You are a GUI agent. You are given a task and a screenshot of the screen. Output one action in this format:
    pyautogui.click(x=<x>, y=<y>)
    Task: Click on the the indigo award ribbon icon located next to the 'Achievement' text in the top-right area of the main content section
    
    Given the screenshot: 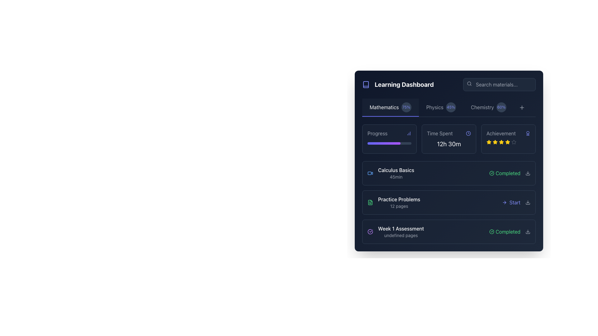 What is the action you would take?
    pyautogui.click(x=527, y=133)
    